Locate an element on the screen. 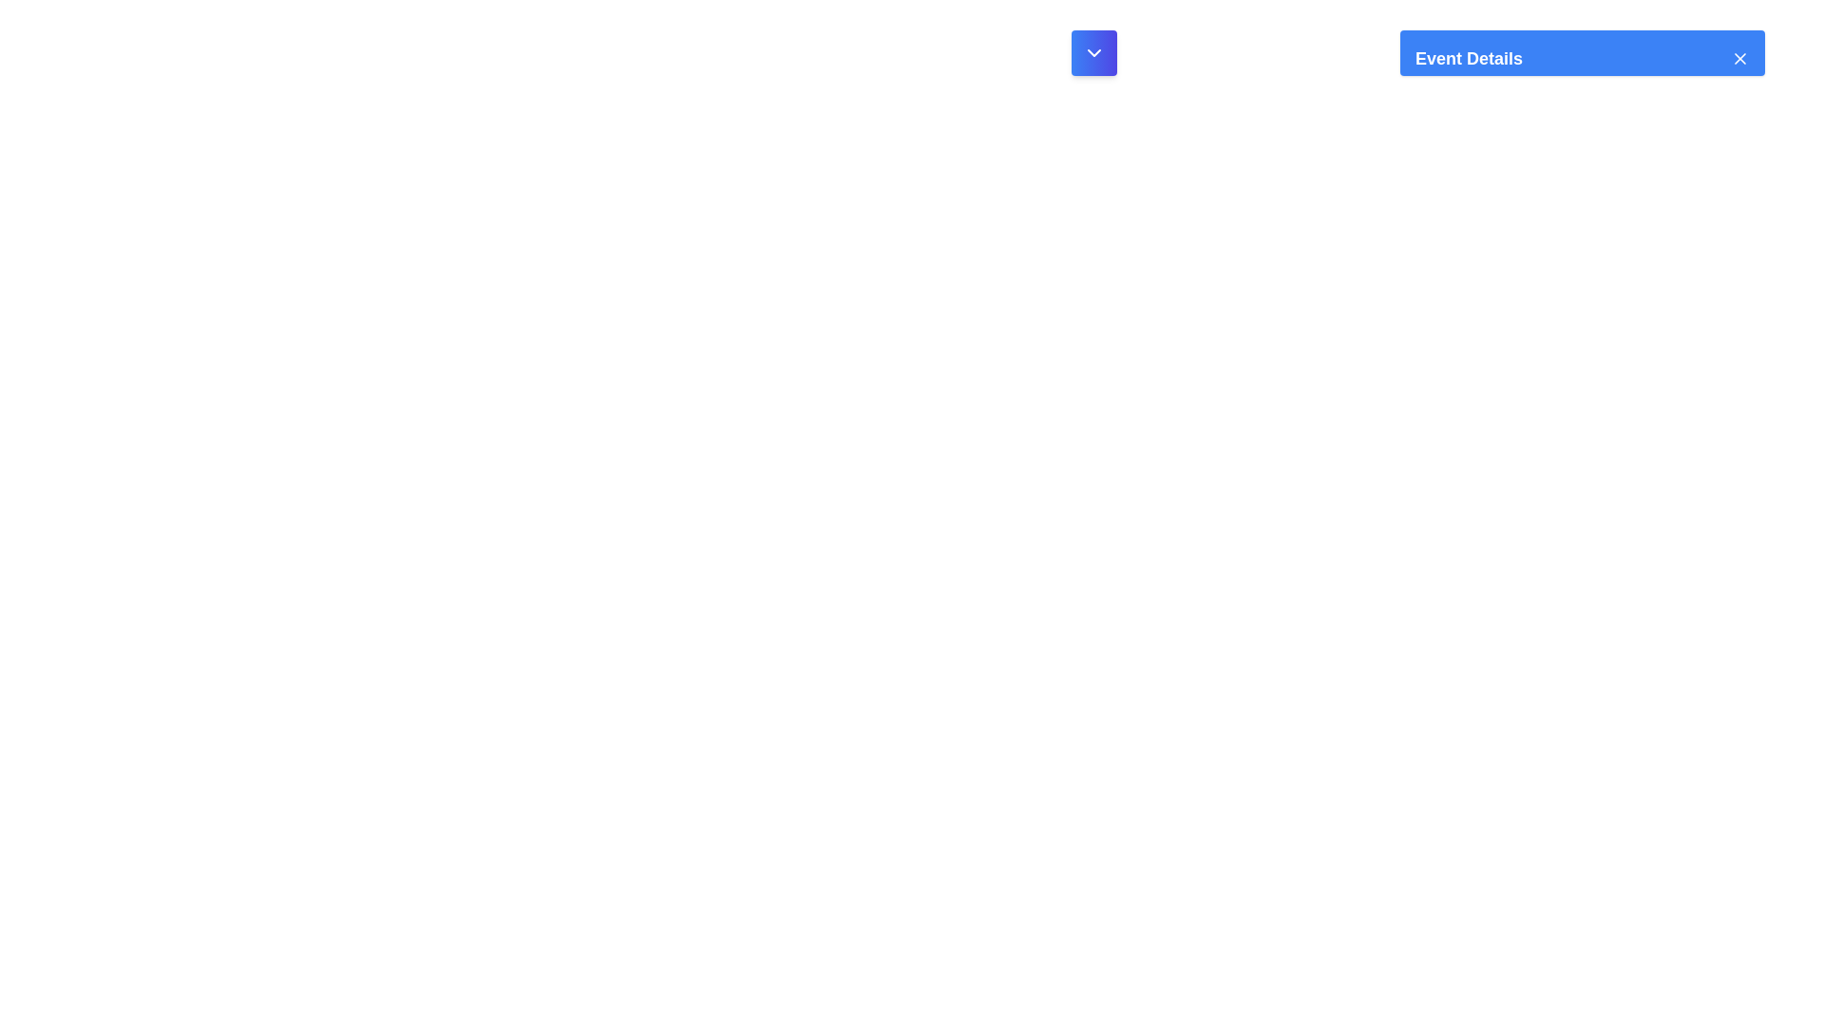  the interactive button with a gradient background and a downward-pointing chevron icon is located at coordinates (1094, 52).